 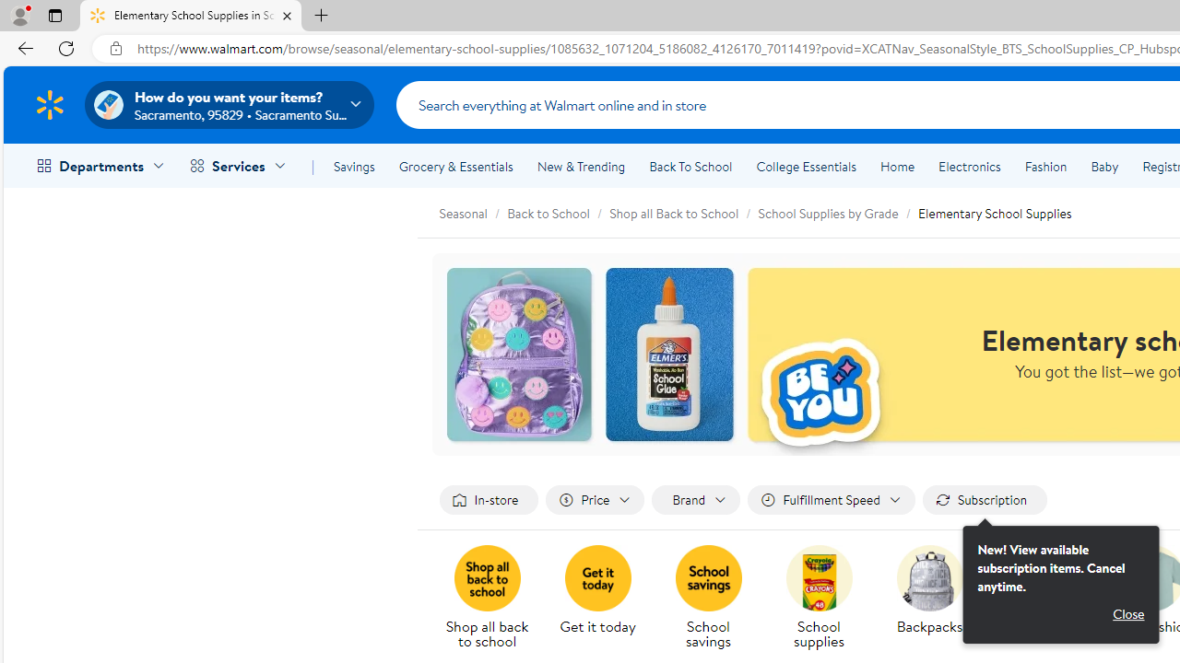 What do you see at coordinates (695, 500) in the screenshot?
I see `'Filter by Brand not applied, activate to change'` at bounding box center [695, 500].